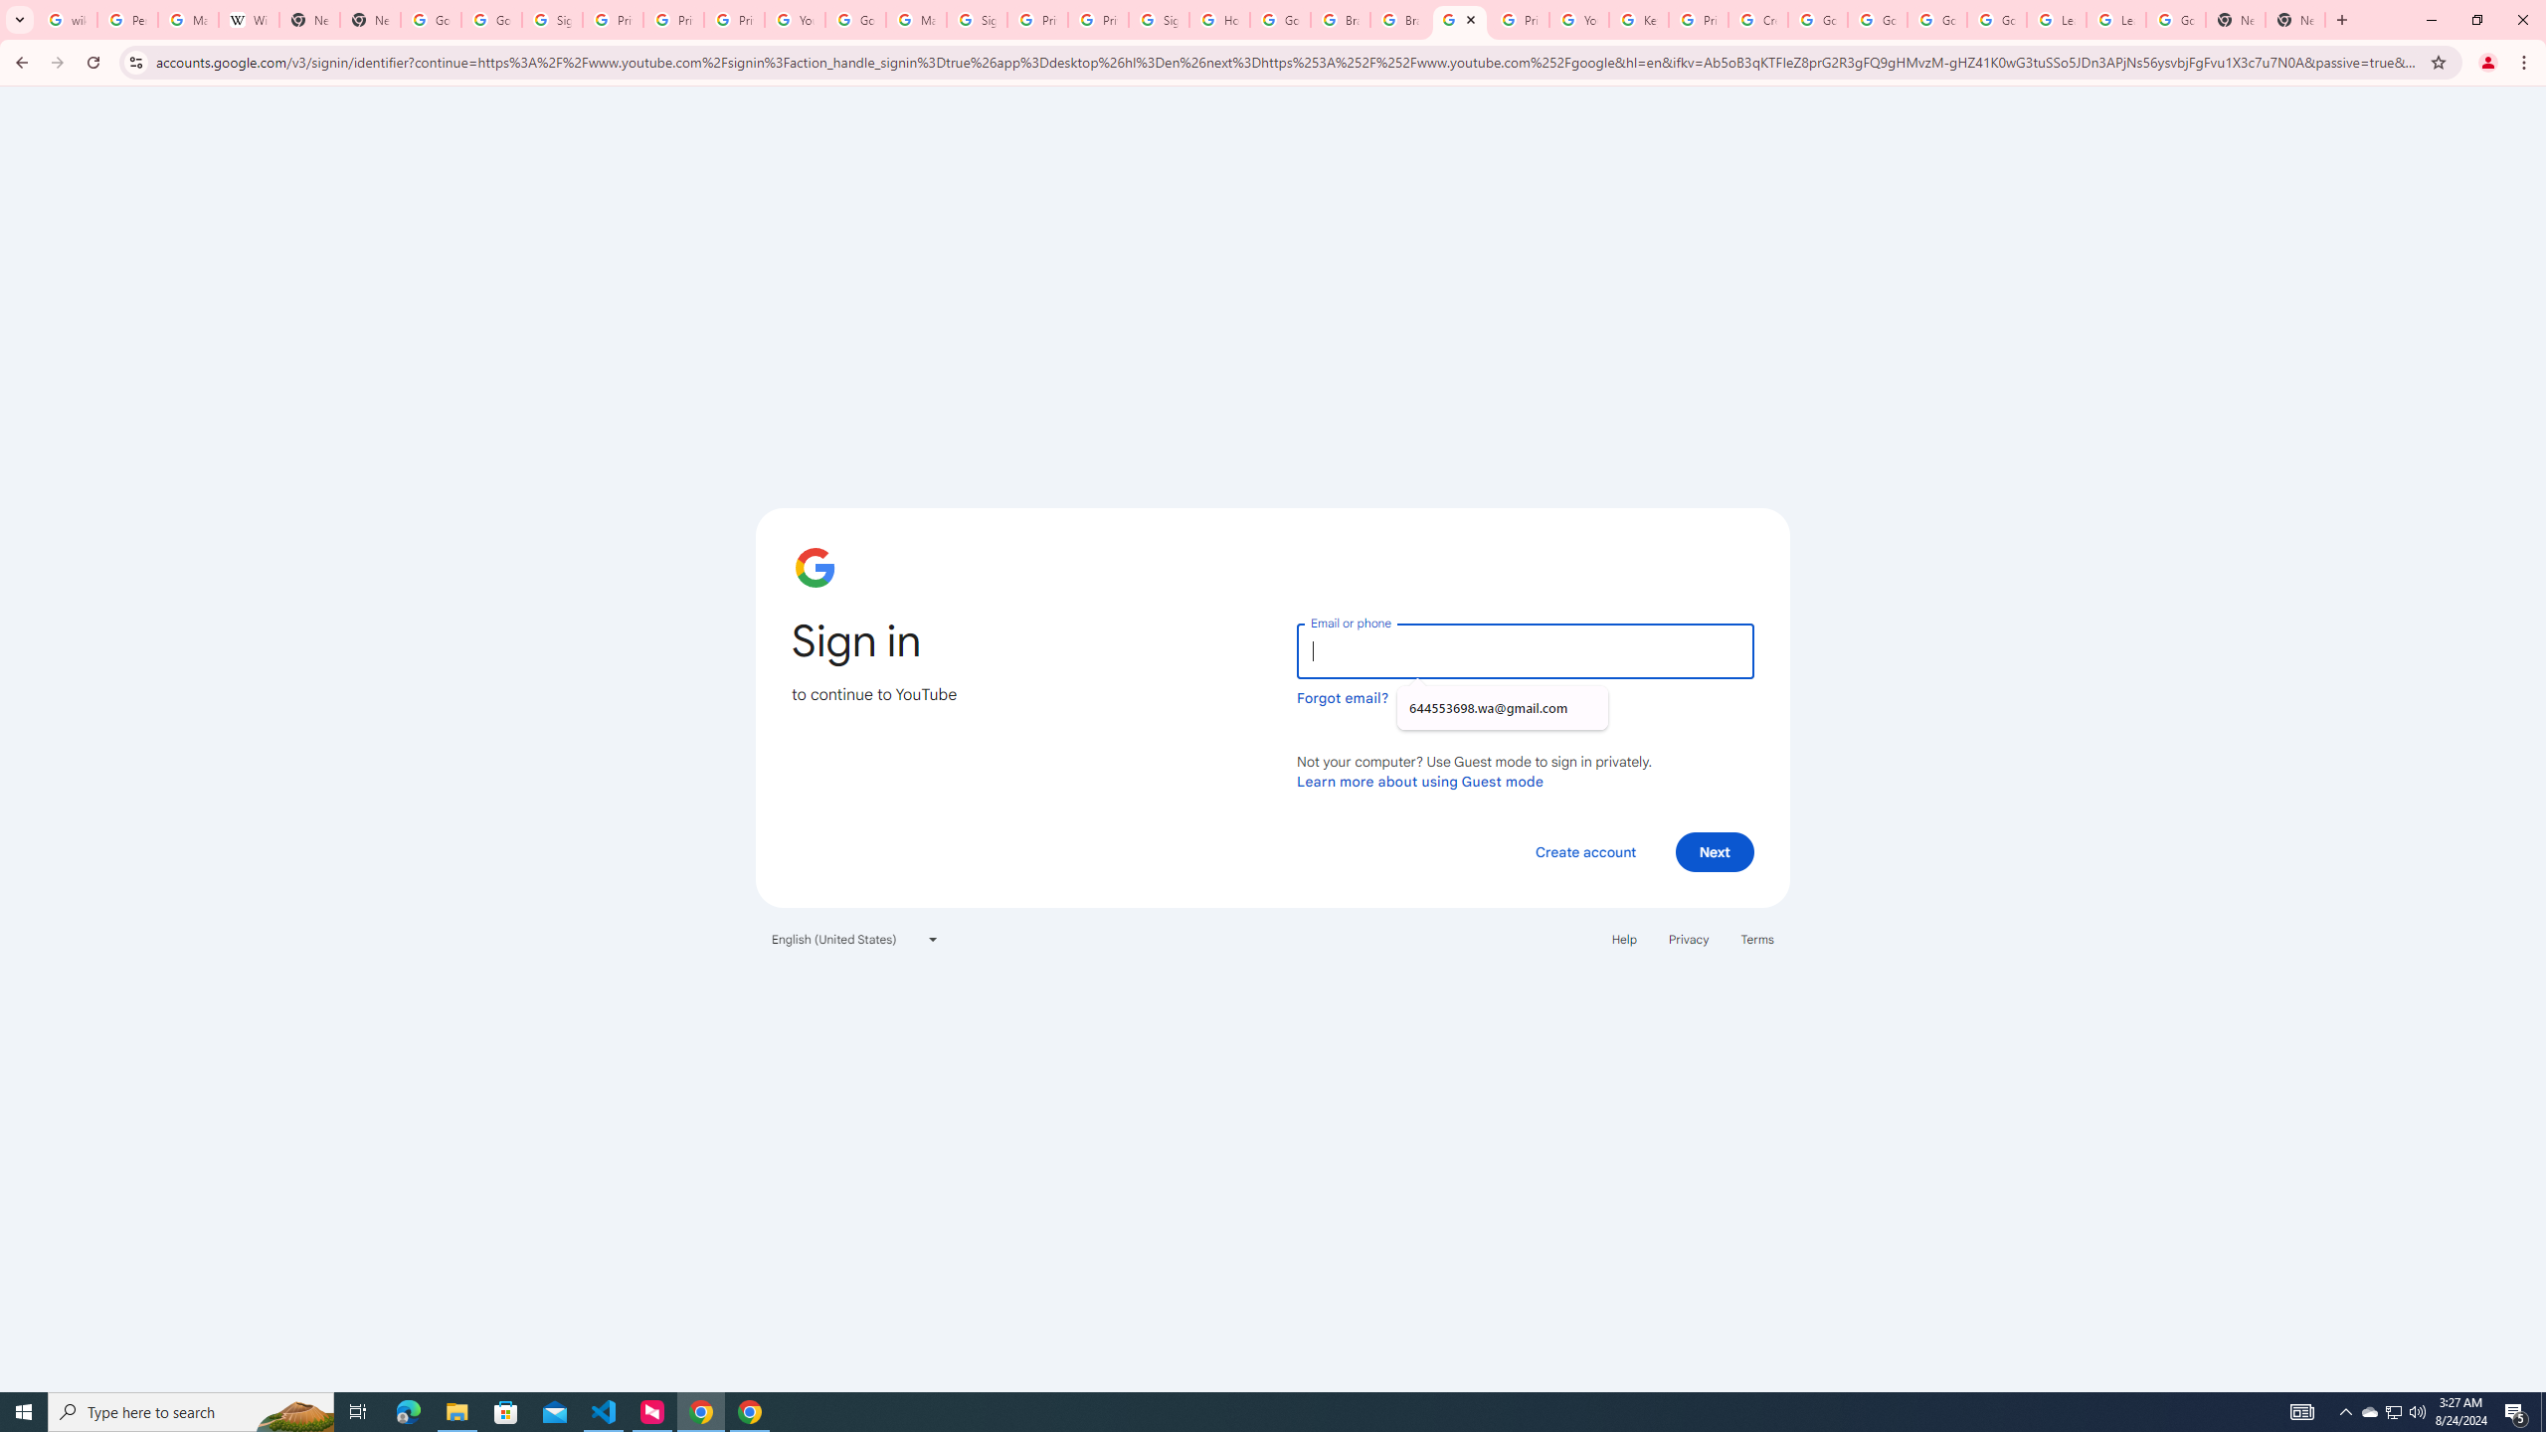 The image size is (2546, 1432). I want to click on 'Wikipedia:Edit requests - Wikipedia', so click(247, 19).